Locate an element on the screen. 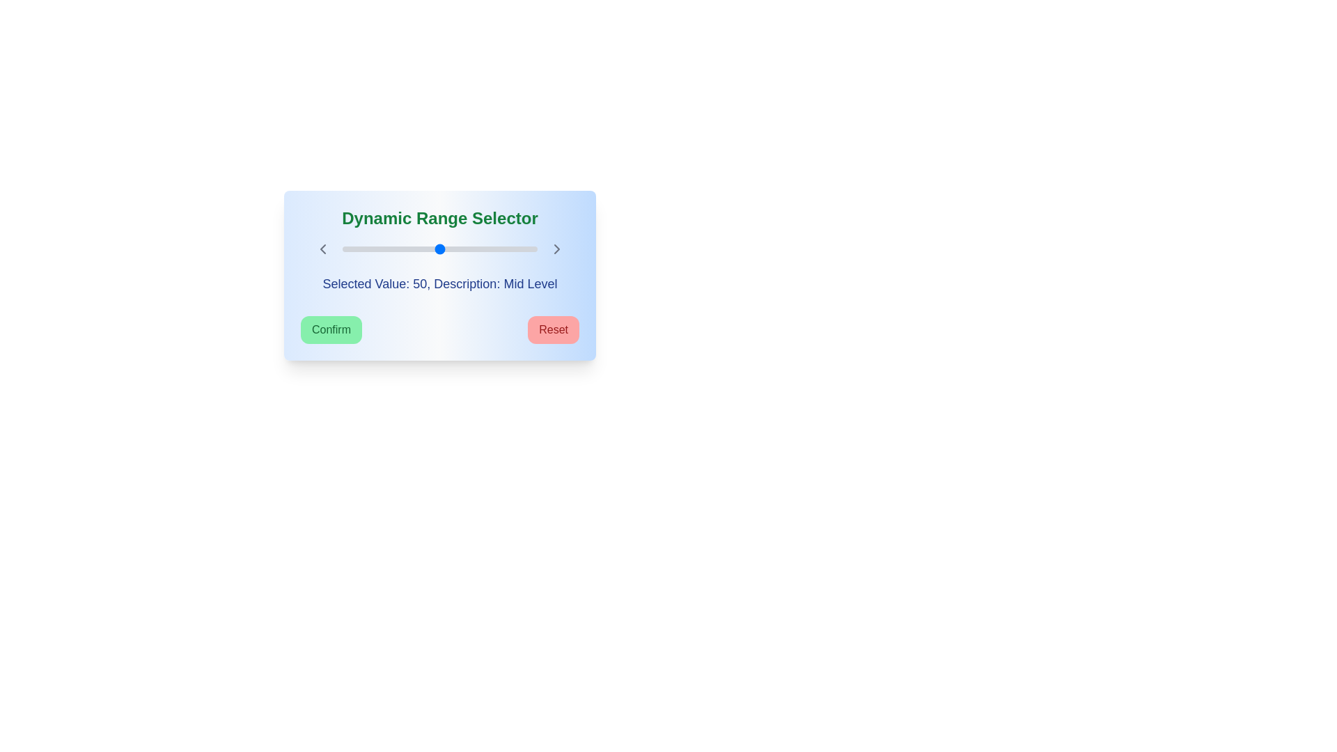 The image size is (1337, 752). the slider is located at coordinates (521, 249).